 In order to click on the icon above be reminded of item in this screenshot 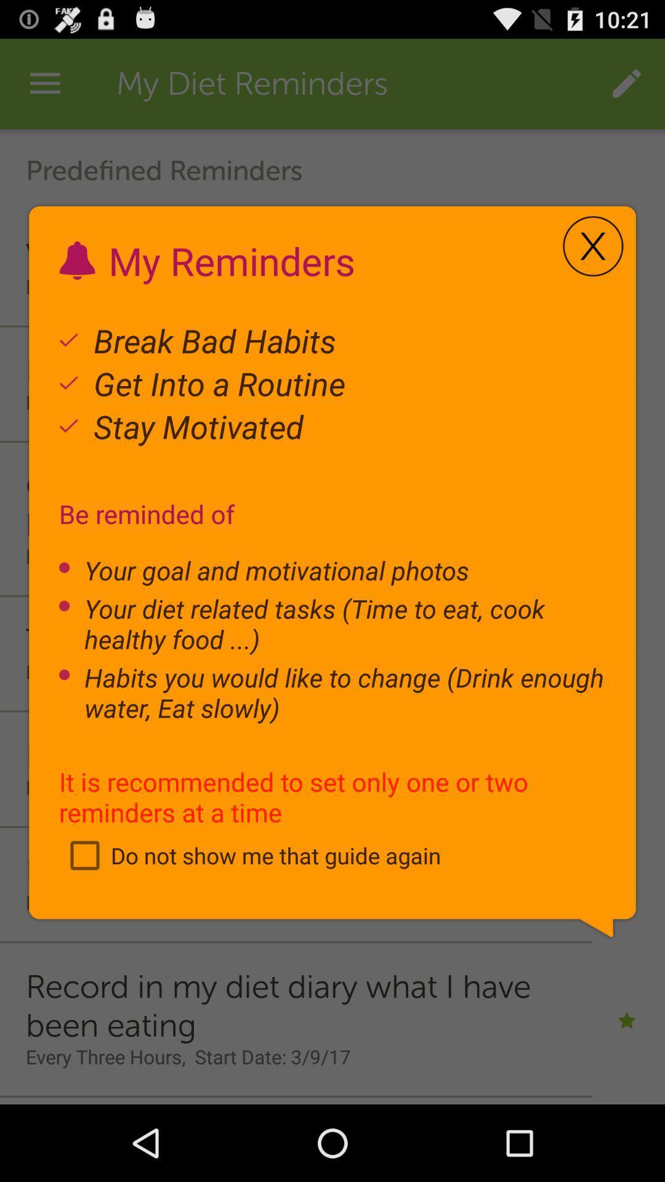, I will do `click(592, 246)`.